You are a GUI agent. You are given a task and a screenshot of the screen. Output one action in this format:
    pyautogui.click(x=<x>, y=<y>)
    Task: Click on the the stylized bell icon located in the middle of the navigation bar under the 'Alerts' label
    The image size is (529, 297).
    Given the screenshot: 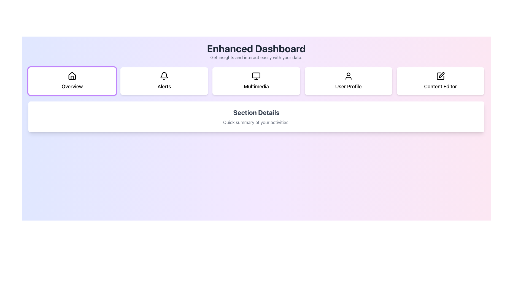 What is the action you would take?
    pyautogui.click(x=164, y=75)
    